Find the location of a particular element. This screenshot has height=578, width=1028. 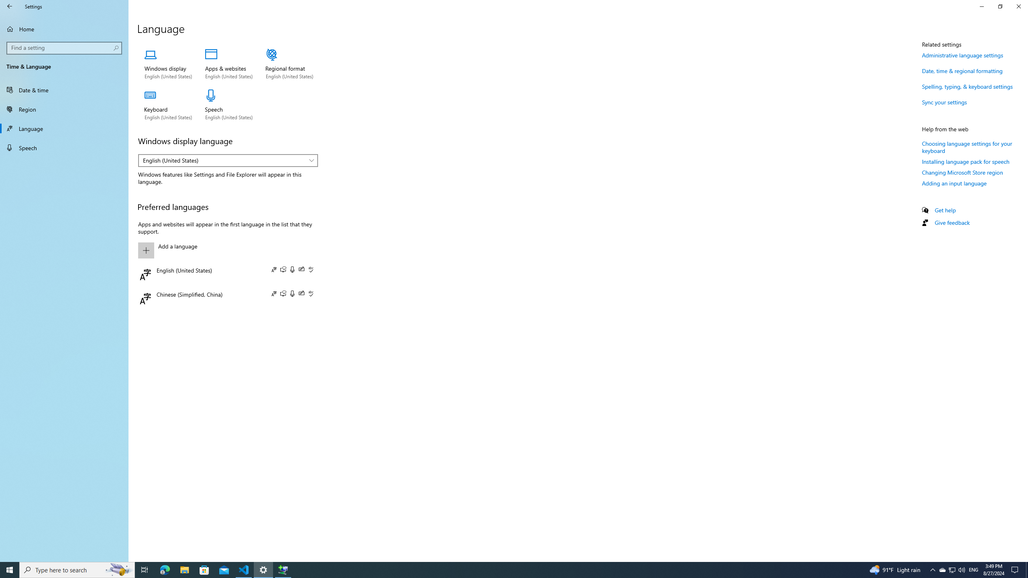

'Choosing language settings for your keyboard' is located at coordinates (967, 146).